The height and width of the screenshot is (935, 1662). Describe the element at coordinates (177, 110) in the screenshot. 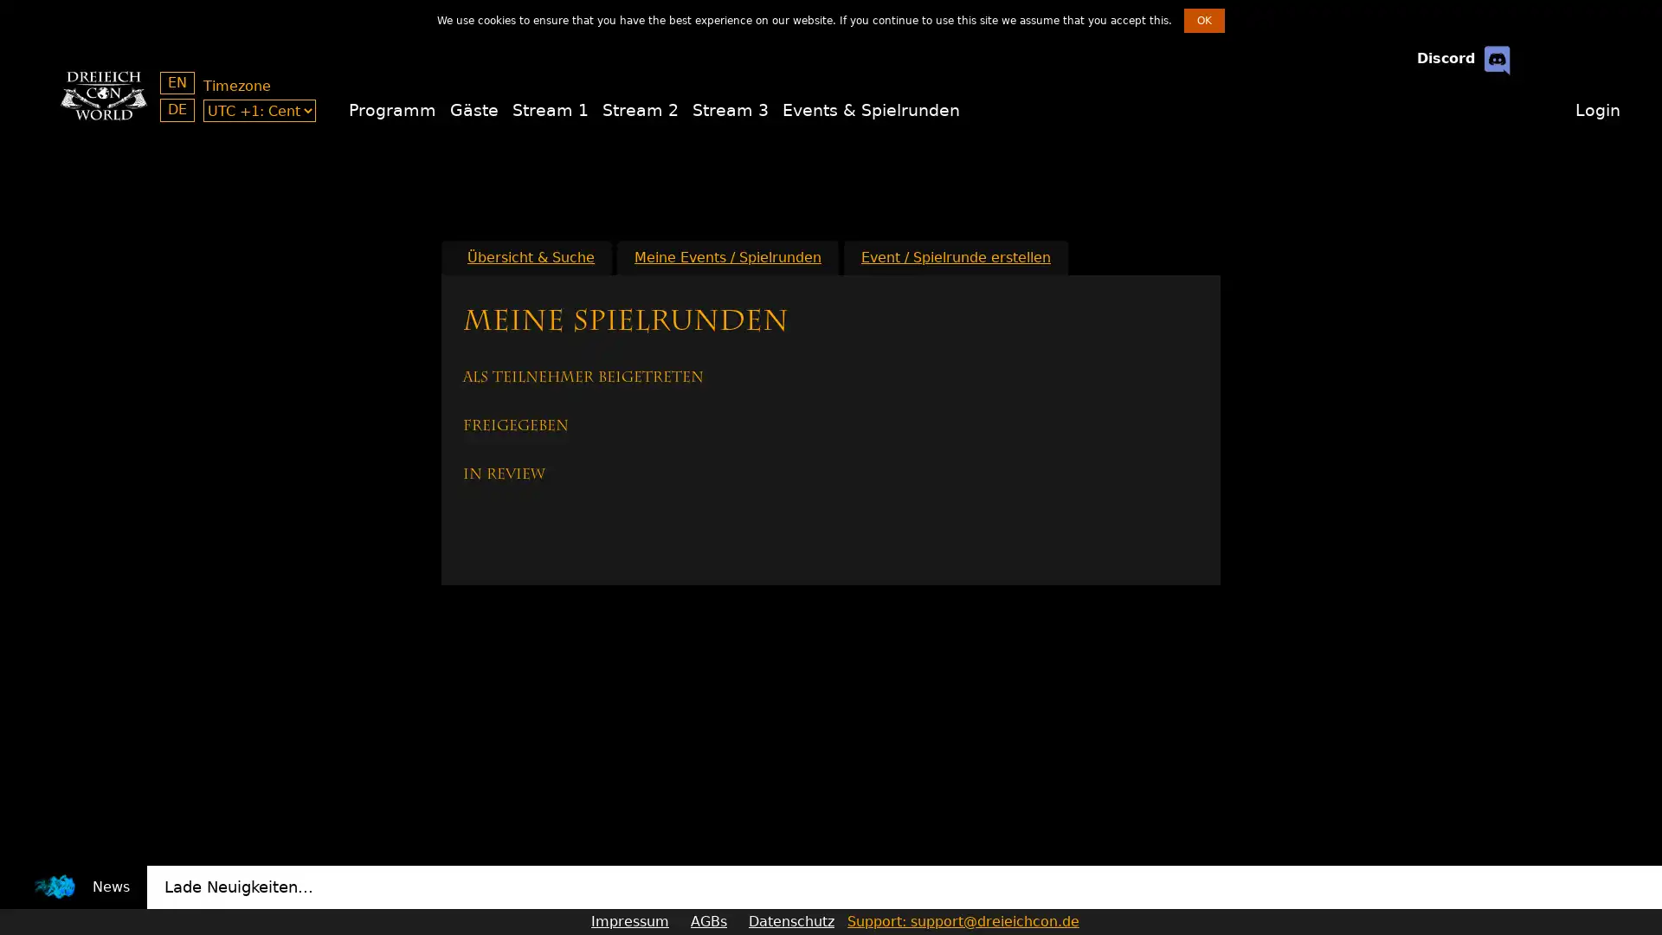

I see `DE` at that location.